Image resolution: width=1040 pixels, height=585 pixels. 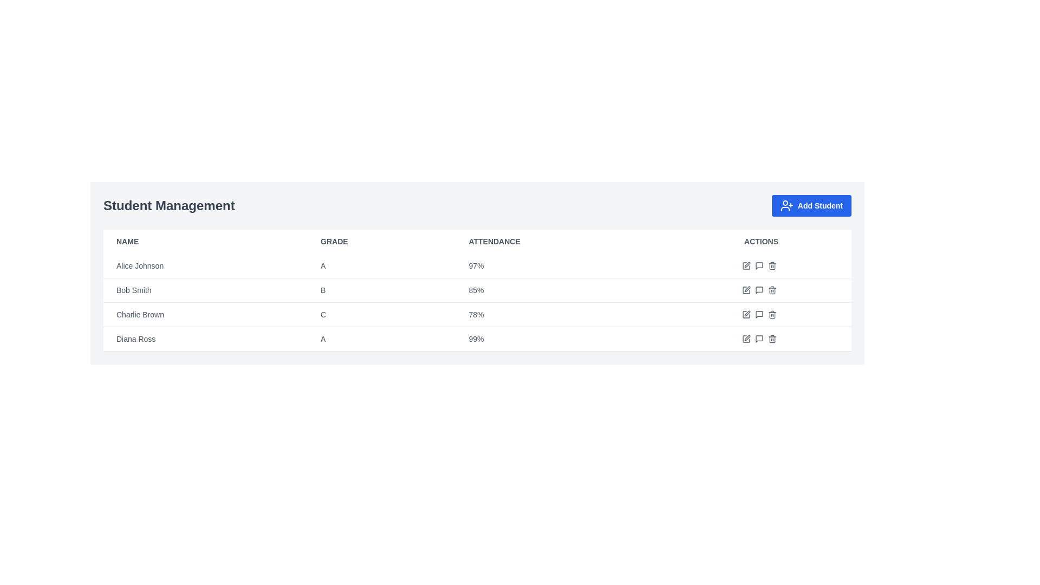 What do you see at coordinates (760, 338) in the screenshot?
I see `the middle icon` at bounding box center [760, 338].